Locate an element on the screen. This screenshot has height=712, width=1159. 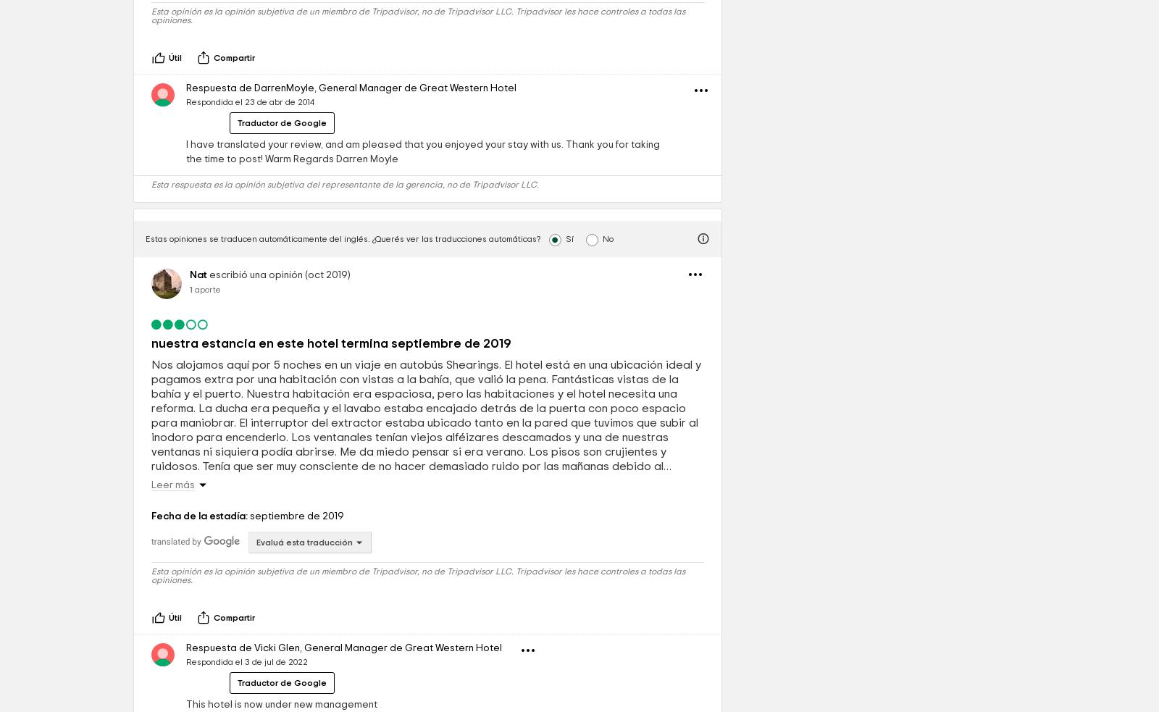
'abril de 2014' is located at coordinates (278, 87).